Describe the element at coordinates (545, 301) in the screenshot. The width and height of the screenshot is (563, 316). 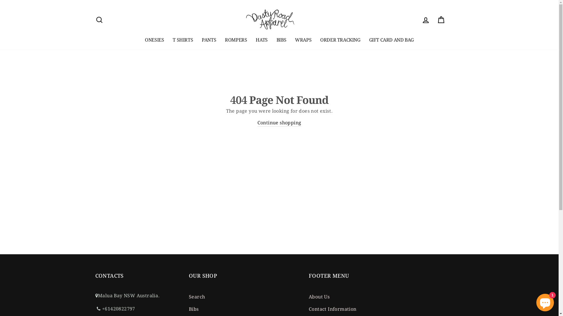
I see `'Shopify online store chat'` at that location.